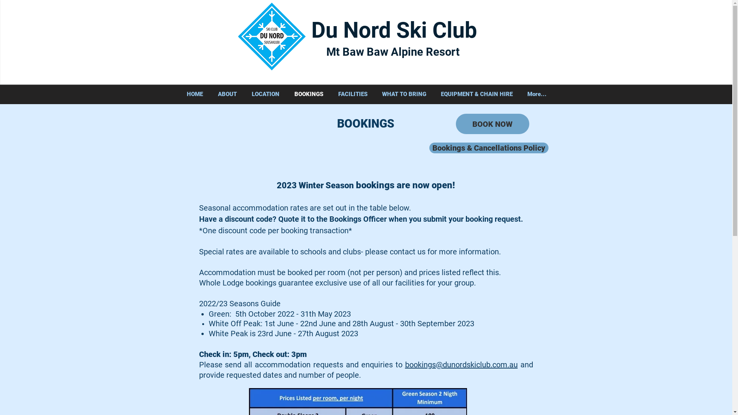 This screenshot has width=738, height=415. I want to click on 'ABOUT', so click(227, 94).